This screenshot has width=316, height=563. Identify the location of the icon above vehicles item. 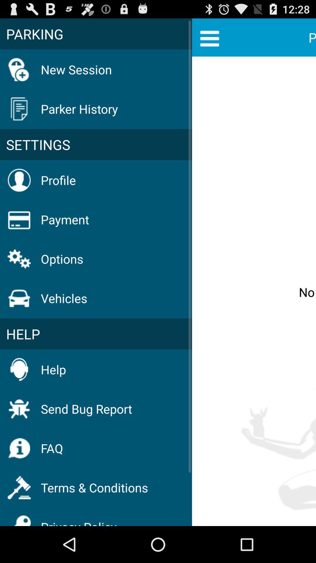
(62, 258).